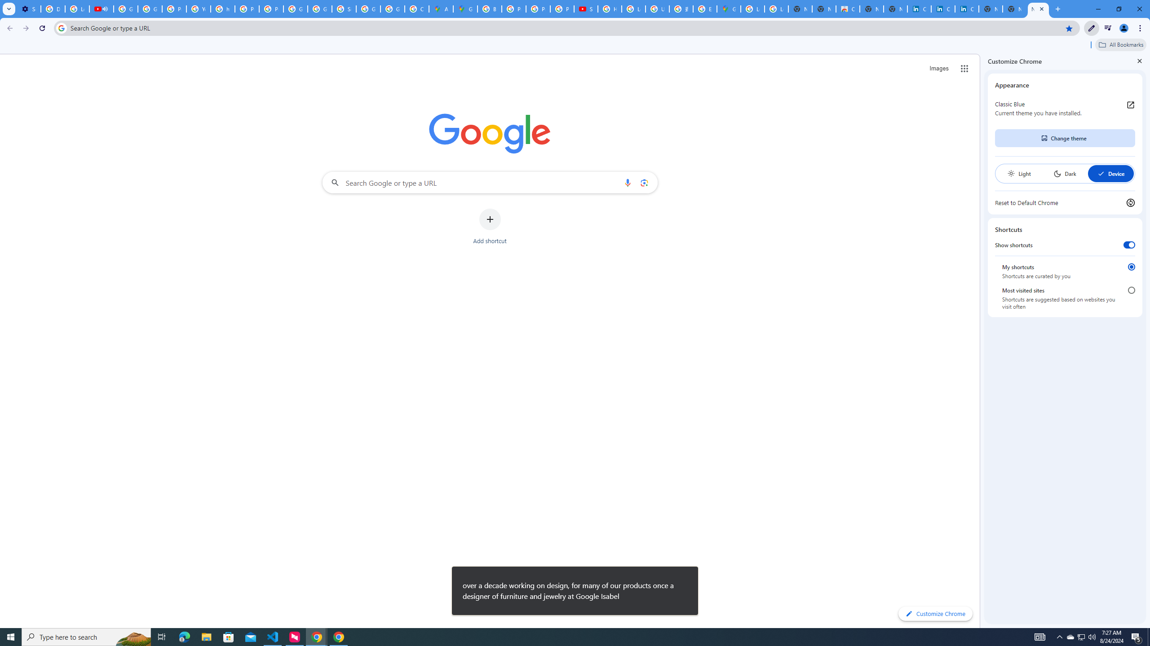  What do you see at coordinates (465, 9) in the screenshot?
I see `'Google Maps'` at bounding box center [465, 9].